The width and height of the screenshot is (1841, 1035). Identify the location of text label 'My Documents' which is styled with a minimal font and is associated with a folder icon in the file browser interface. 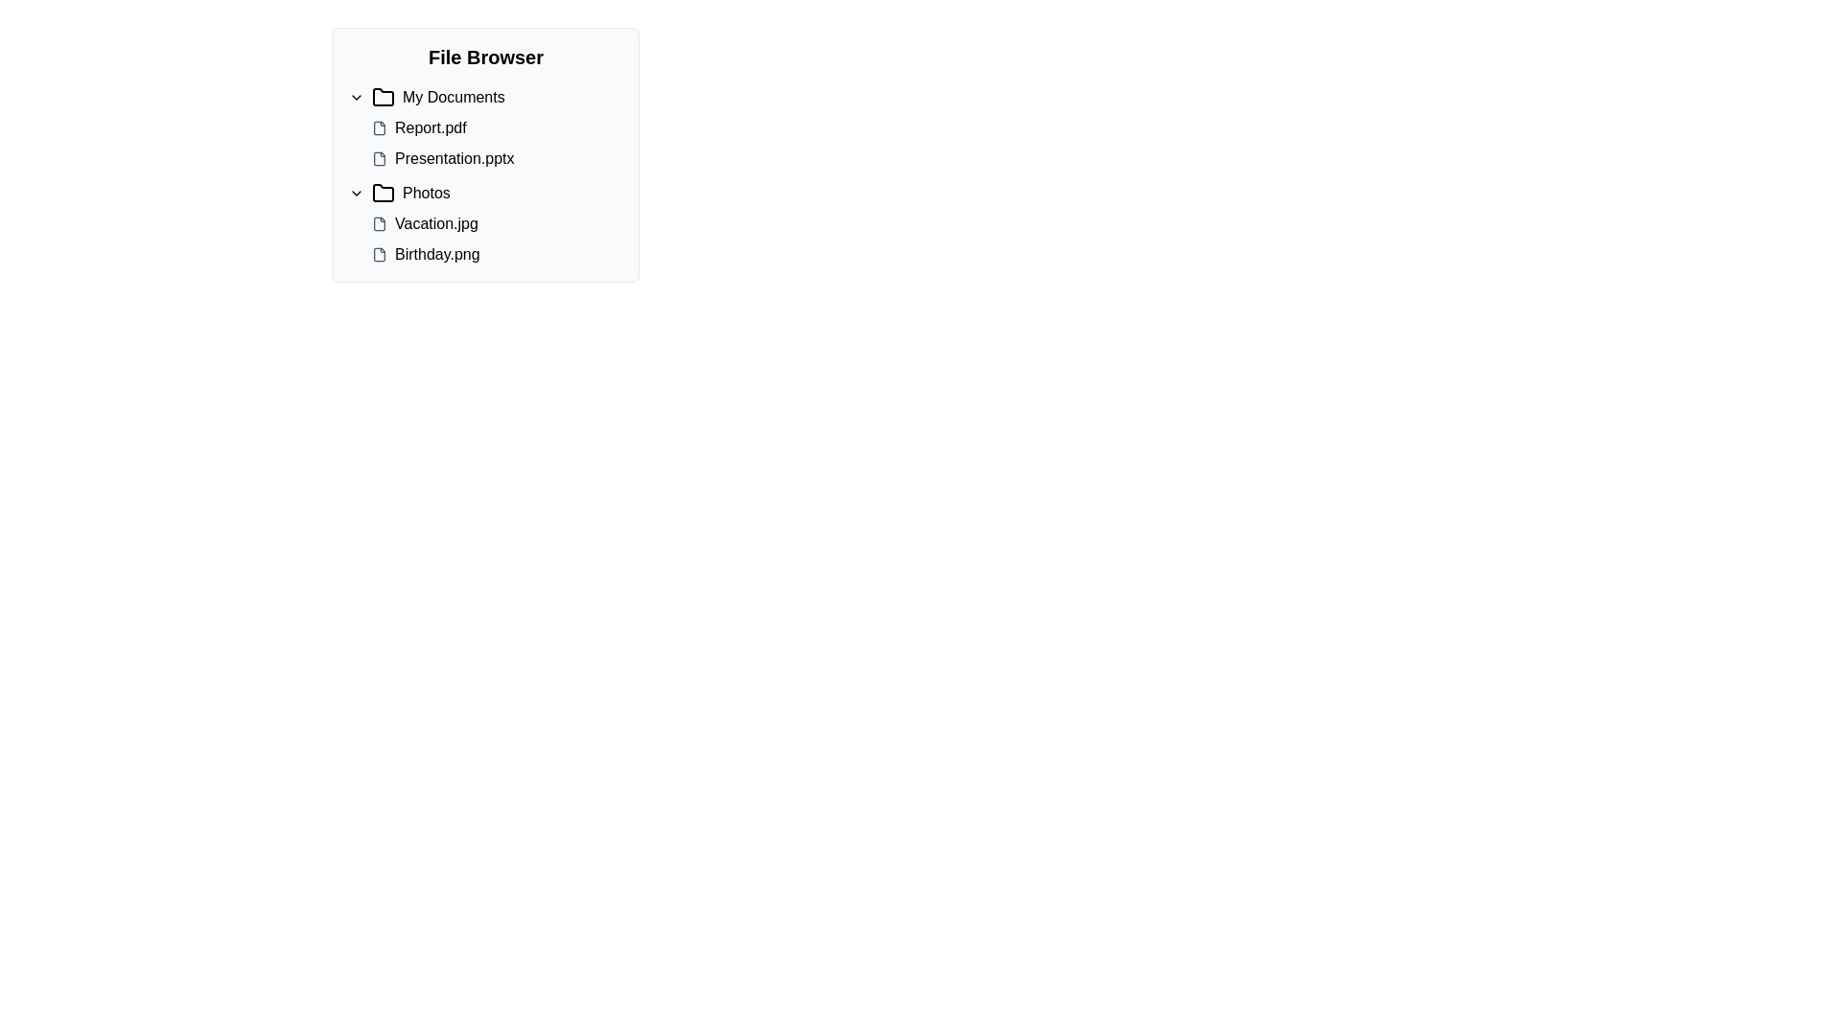
(453, 97).